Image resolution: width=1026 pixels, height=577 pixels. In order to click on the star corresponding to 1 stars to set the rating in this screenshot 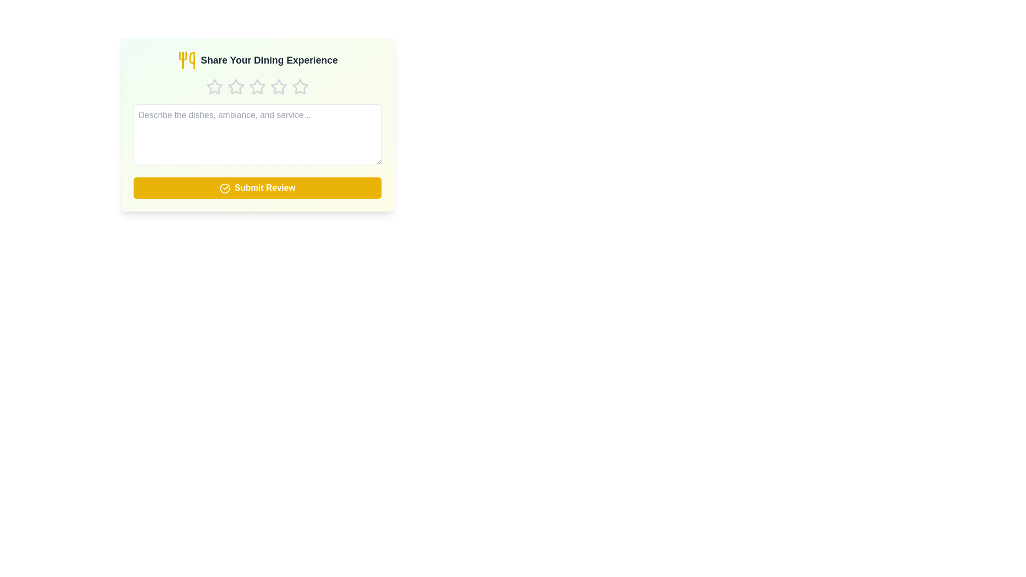, I will do `click(214, 86)`.